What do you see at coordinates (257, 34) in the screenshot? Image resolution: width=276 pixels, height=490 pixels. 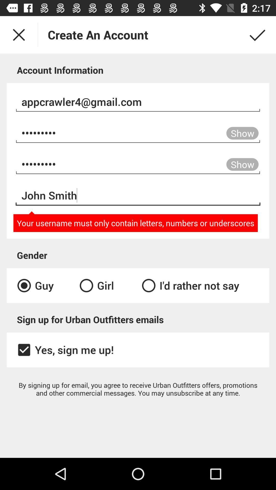 I see `the check icon` at bounding box center [257, 34].